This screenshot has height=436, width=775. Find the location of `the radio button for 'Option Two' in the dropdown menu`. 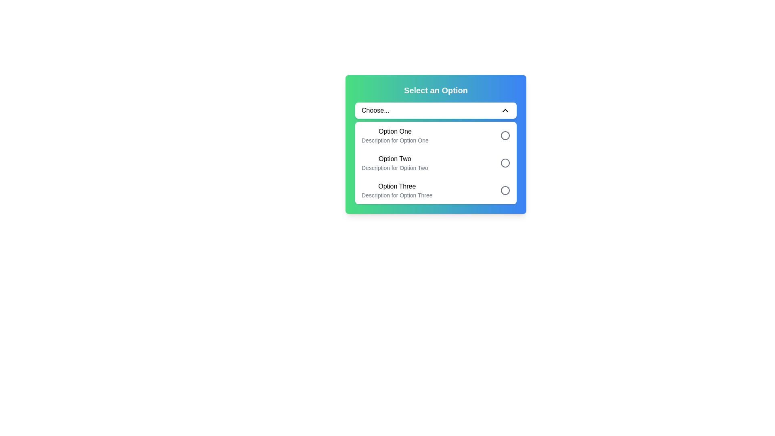

the radio button for 'Option Two' in the dropdown menu is located at coordinates (505, 163).